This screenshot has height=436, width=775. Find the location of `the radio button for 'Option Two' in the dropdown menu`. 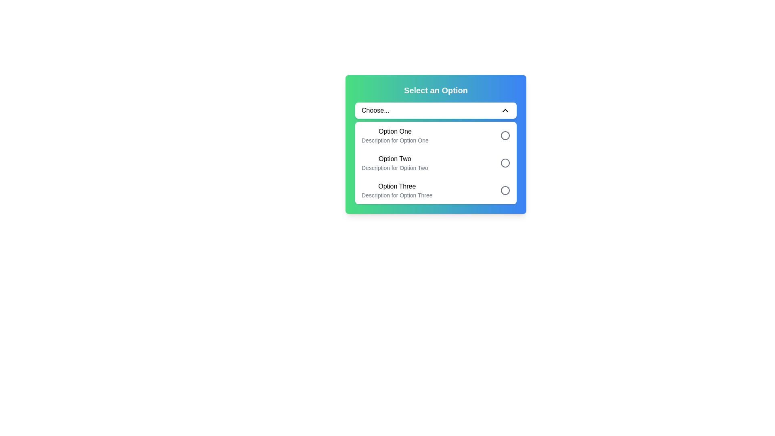

the radio button for 'Option Two' in the dropdown menu is located at coordinates (505, 163).